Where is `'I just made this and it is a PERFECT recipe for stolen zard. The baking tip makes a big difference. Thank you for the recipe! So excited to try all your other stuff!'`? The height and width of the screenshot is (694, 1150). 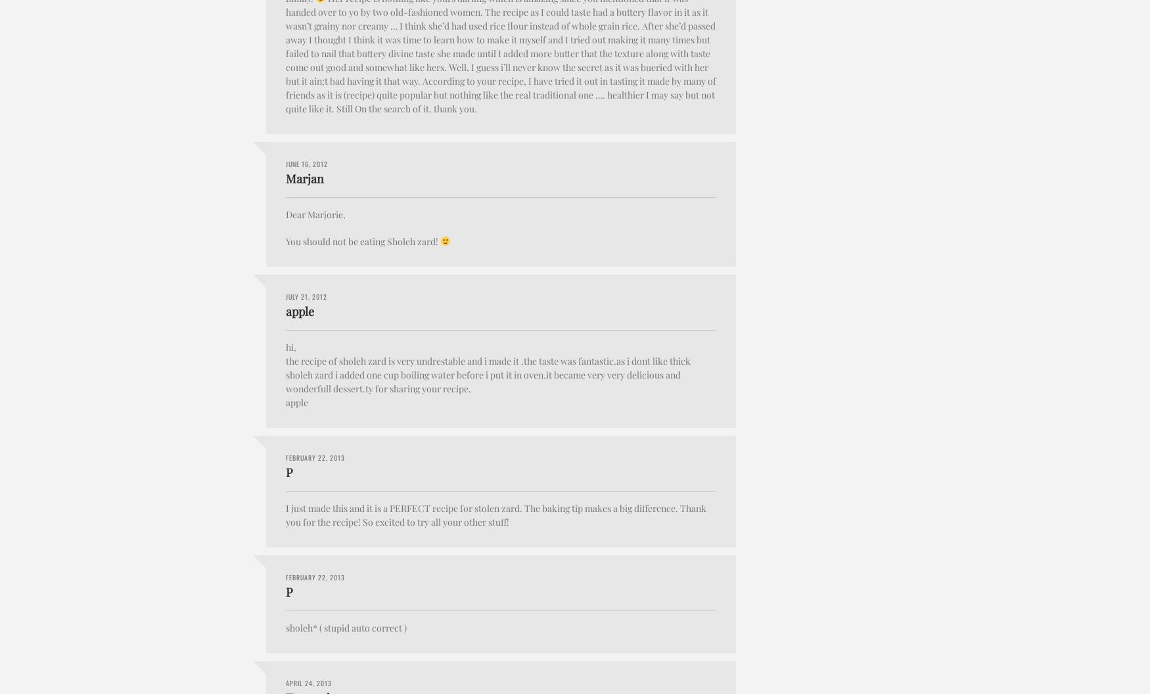
'I just made this and it is a PERFECT recipe for stolen zard. The baking tip makes a big difference. Thank you for the recipe! So excited to try all your other stuff!' is located at coordinates (495, 514).